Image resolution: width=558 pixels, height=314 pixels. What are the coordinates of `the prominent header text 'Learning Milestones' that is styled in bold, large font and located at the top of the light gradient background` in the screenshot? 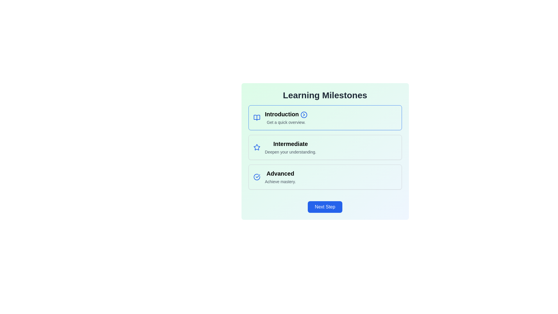 It's located at (325, 95).